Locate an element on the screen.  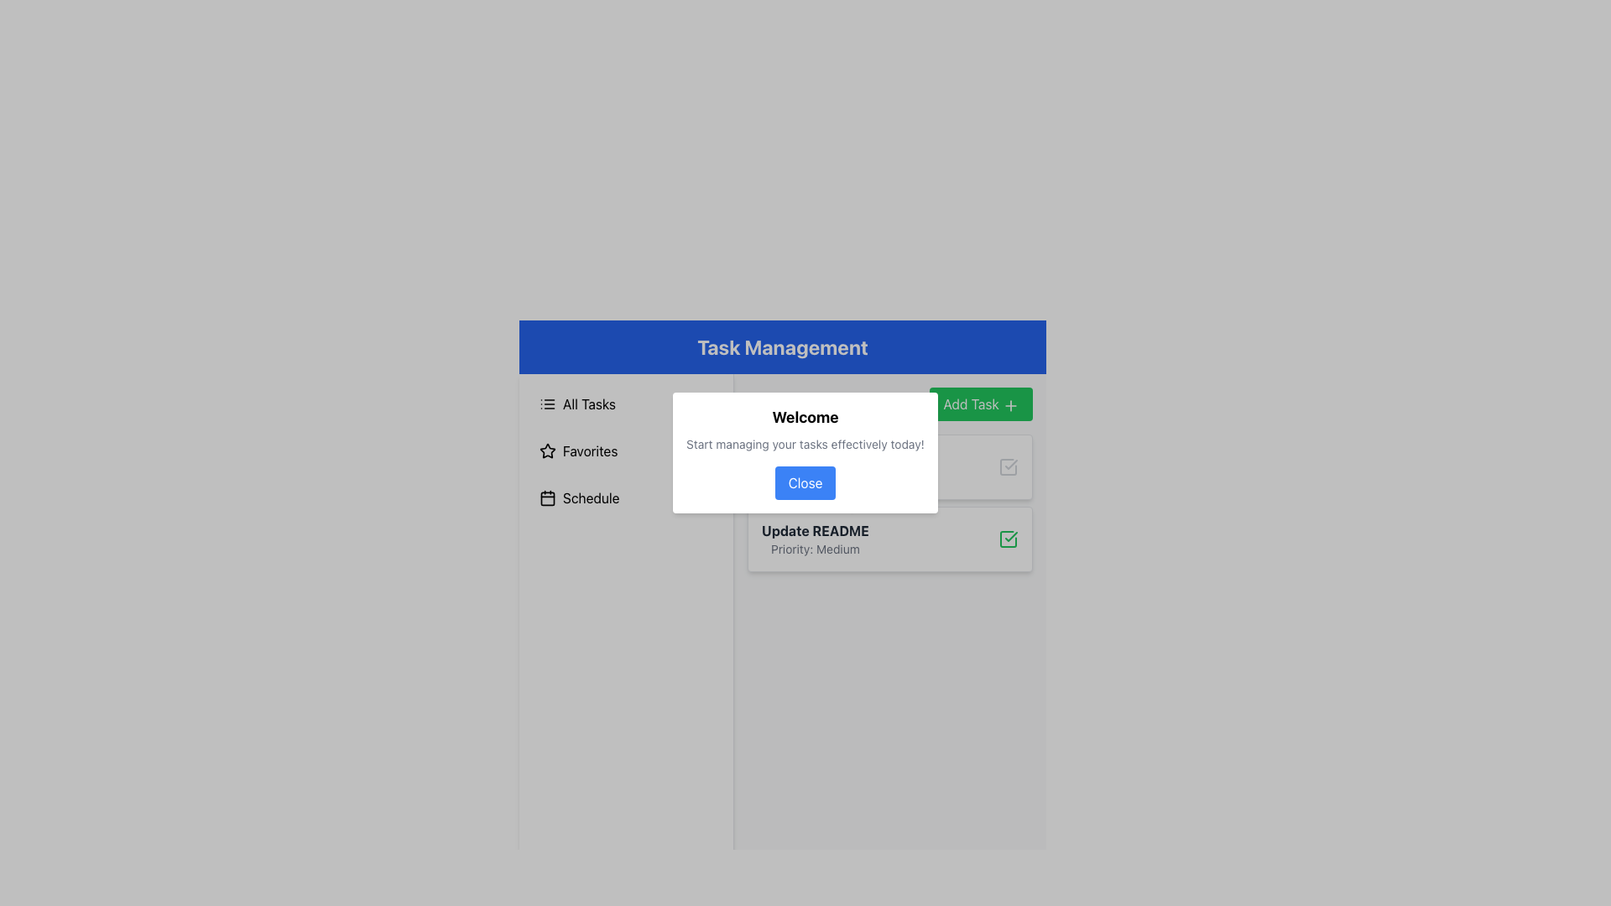
the 'All Tasks' text label in the vertical menu on the left side is located at coordinates (588, 404).